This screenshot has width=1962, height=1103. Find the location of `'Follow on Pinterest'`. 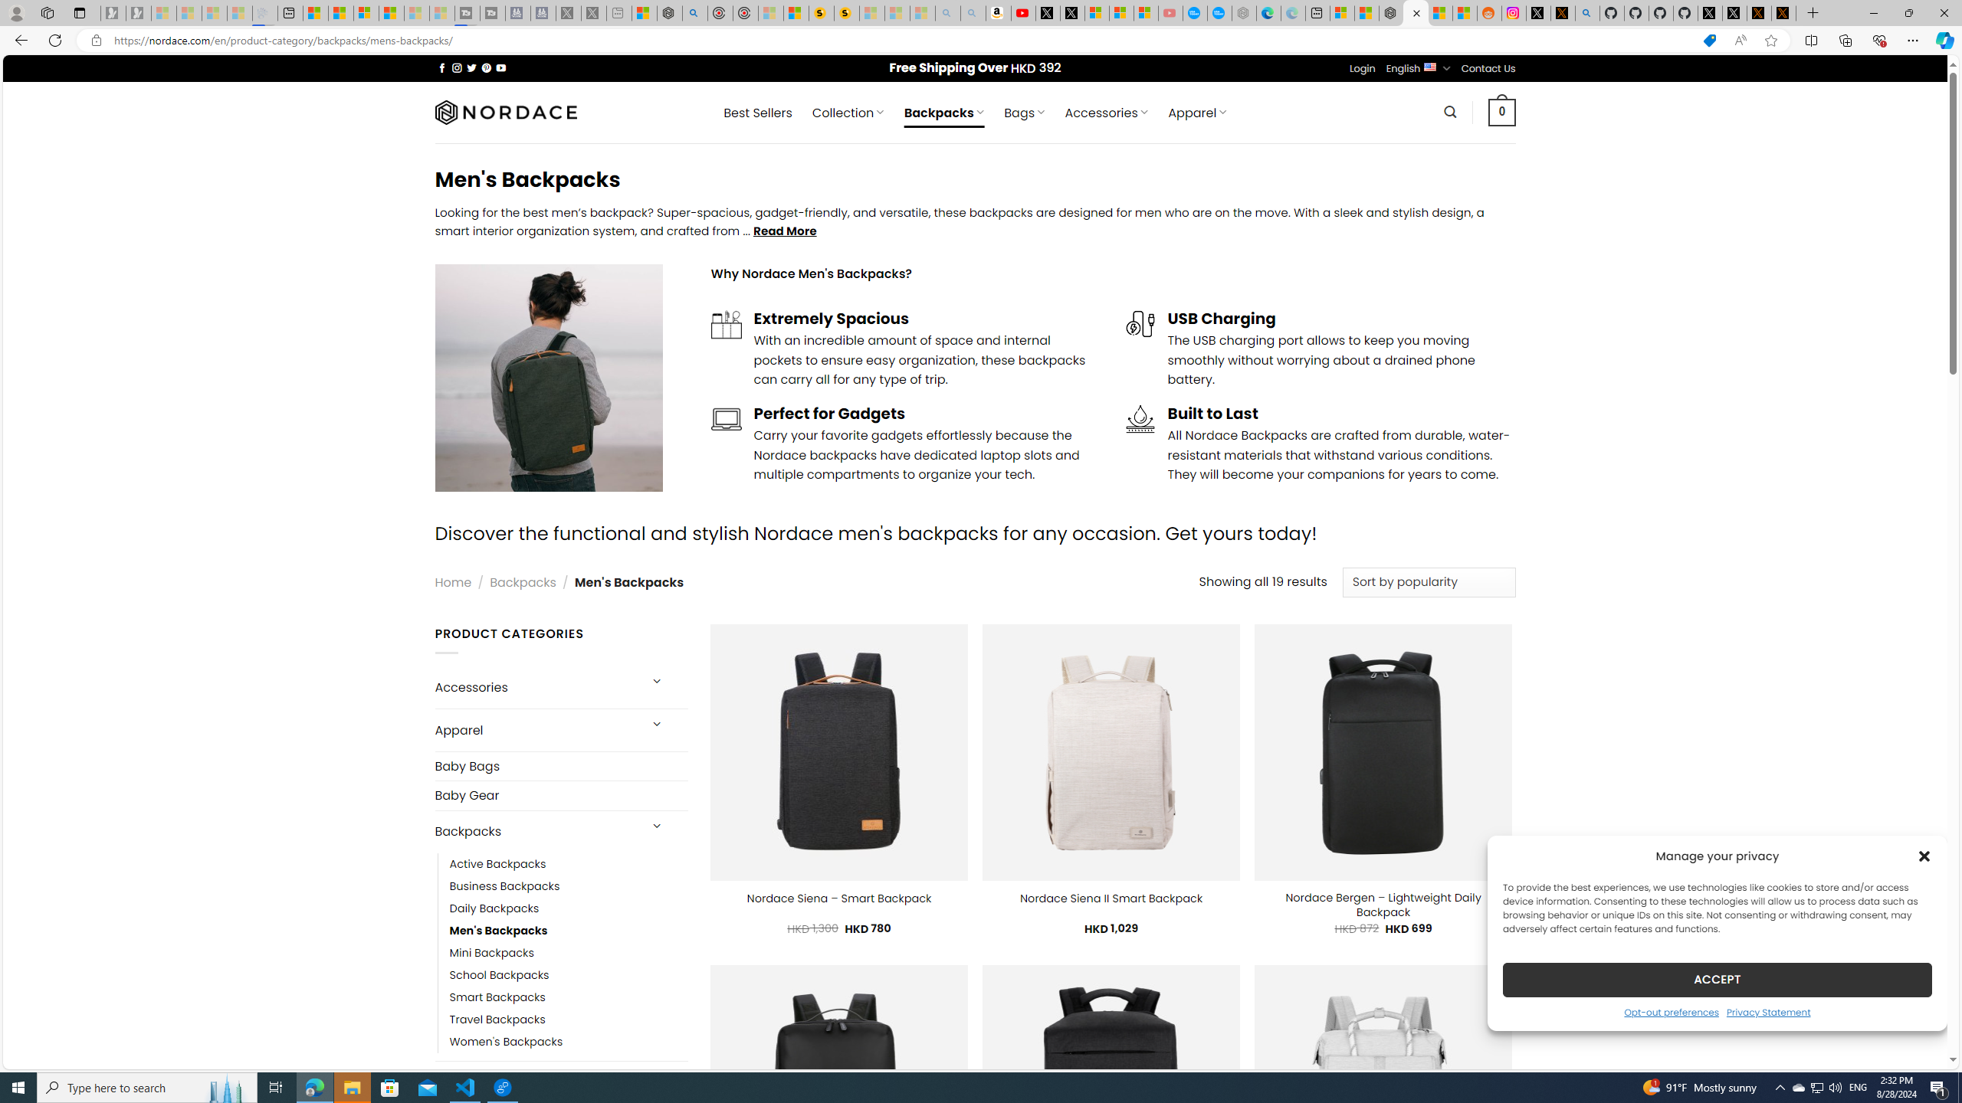

'Follow on Pinterest' is located at coordinates (484, 67).